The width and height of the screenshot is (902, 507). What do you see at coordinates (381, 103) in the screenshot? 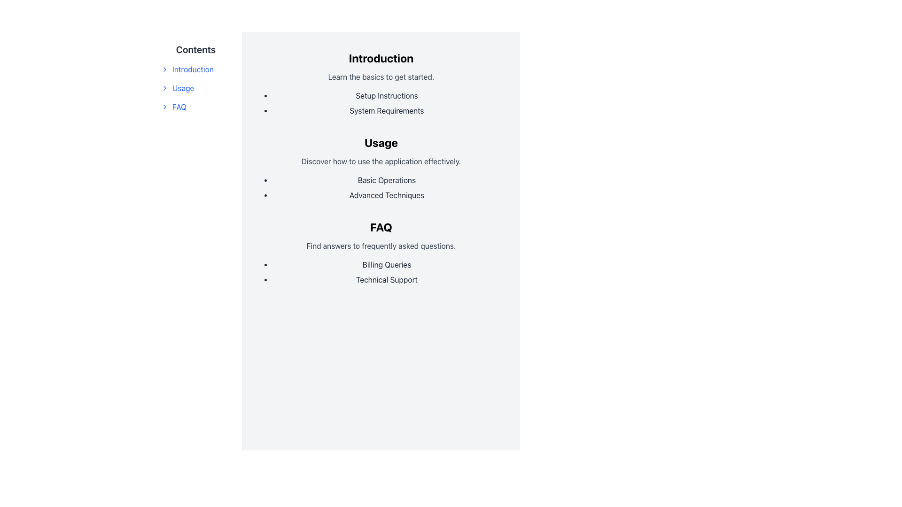
I see `the items in the bullet list located under the 'Introduction' section, below the heading 'Learn the basics to get started.'` at bounding box center [381, 103].